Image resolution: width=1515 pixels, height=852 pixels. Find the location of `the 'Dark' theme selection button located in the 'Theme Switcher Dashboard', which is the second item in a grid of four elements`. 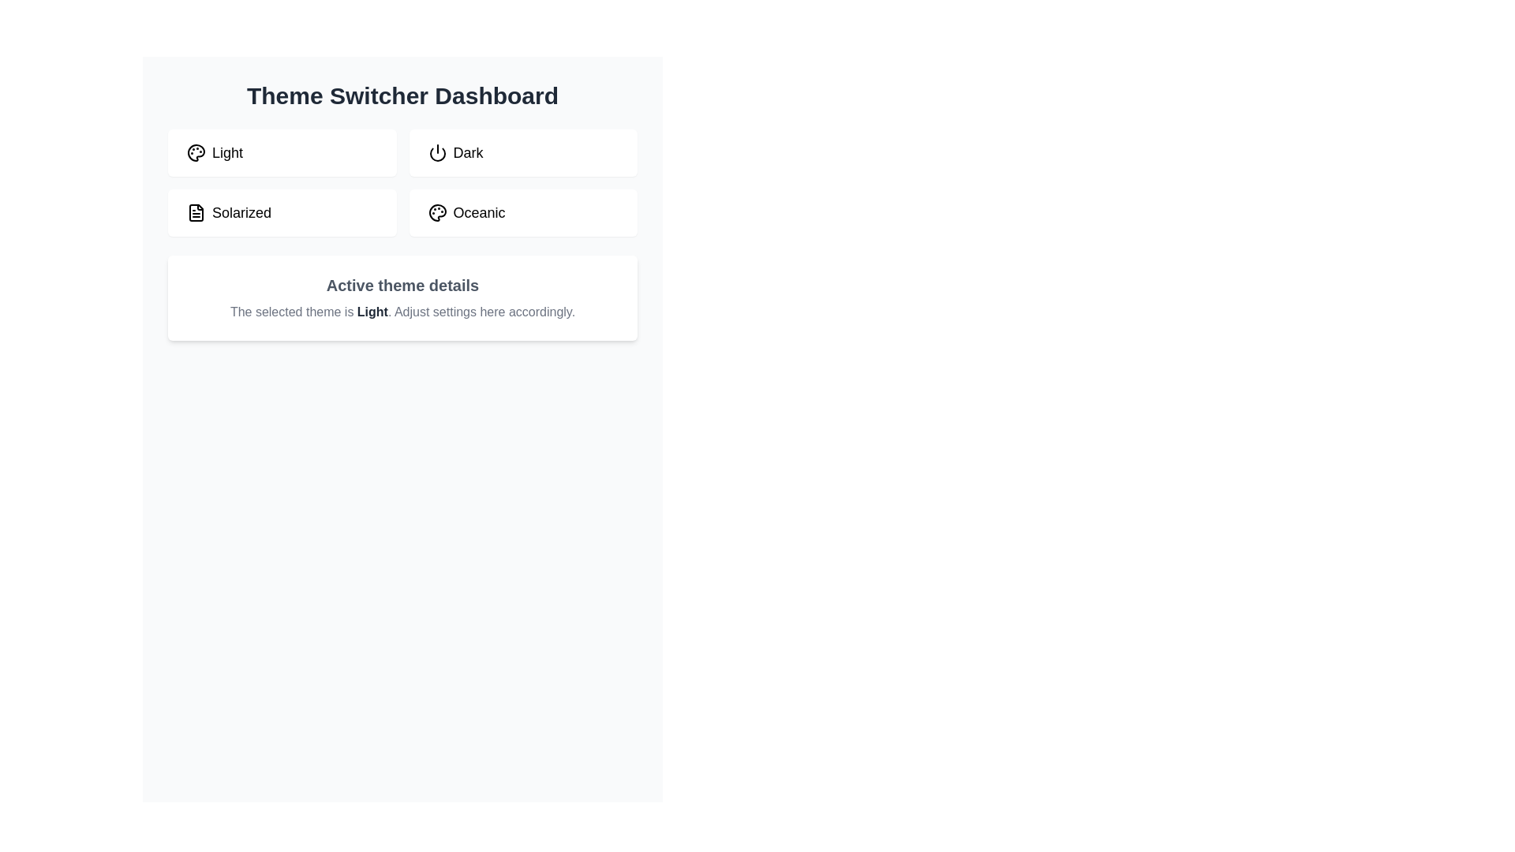

the 'Dark' theme selection button located in the 'Theme Switcher Dashboard', which is the second item in a grid of four elements is located at coordinates (523, 152).